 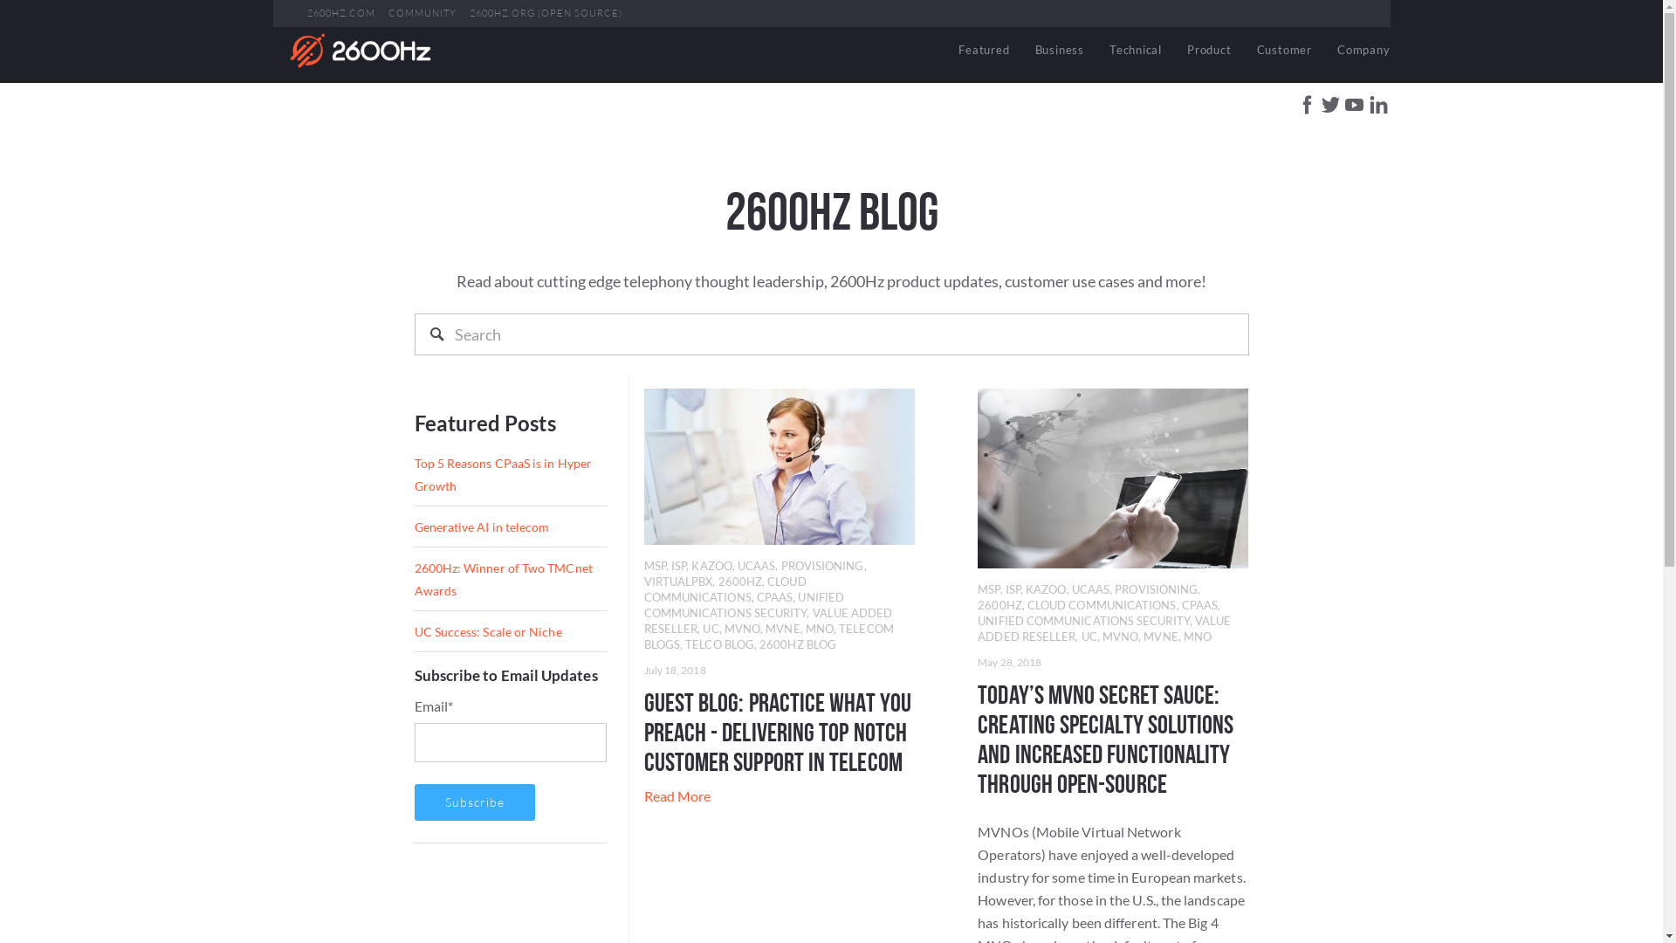 What do you see at coordinates (473, 802) in the screenshot?
I see `'Subscribe'` at bounding box center [473, 802].